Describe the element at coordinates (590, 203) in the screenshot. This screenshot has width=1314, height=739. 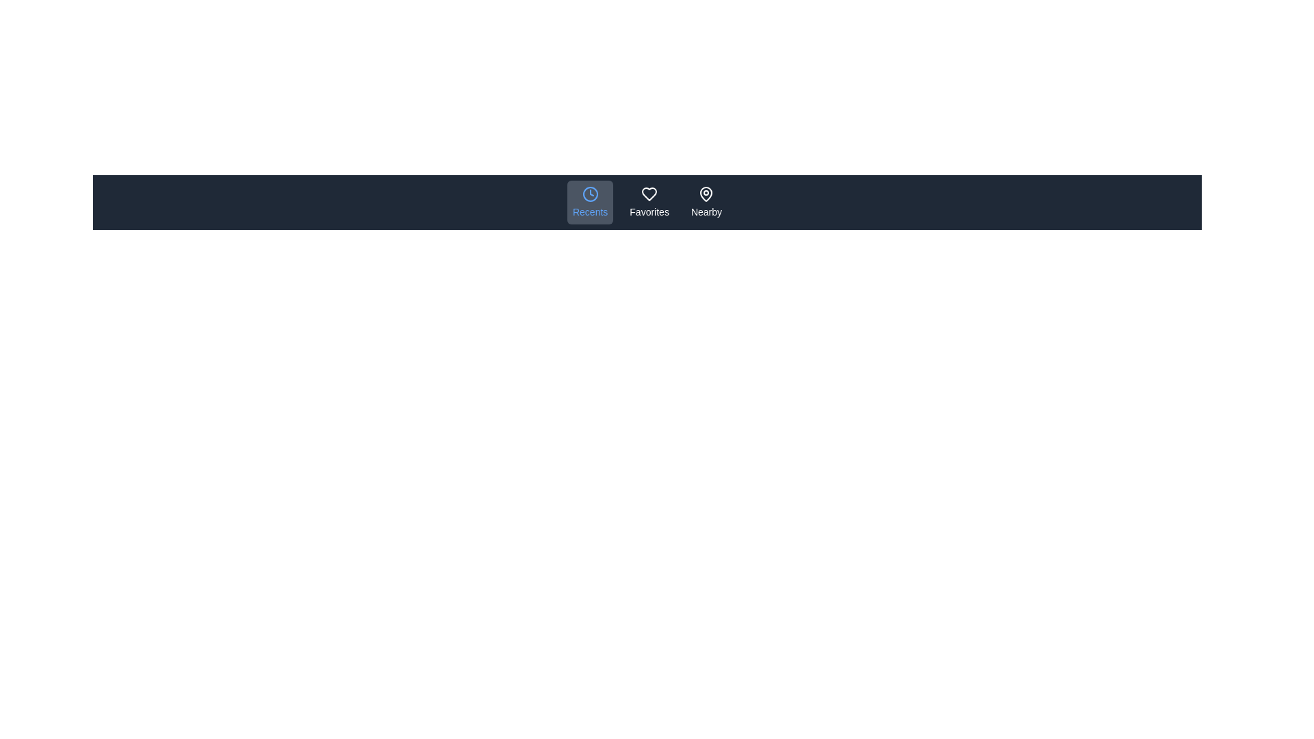
I see `the navigation option labeled Recents` at that location.